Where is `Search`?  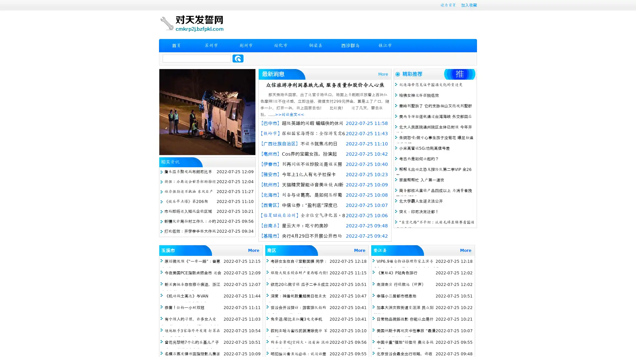
Search is located at coordinates (238, 58).